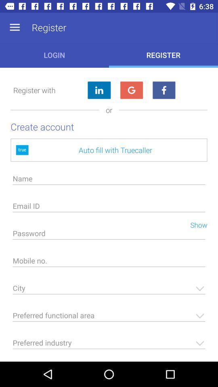  What do you see at coordinates (109, 150) in the screenshot?
I see `the auto fill with icon` at bounding box center [109, 150].